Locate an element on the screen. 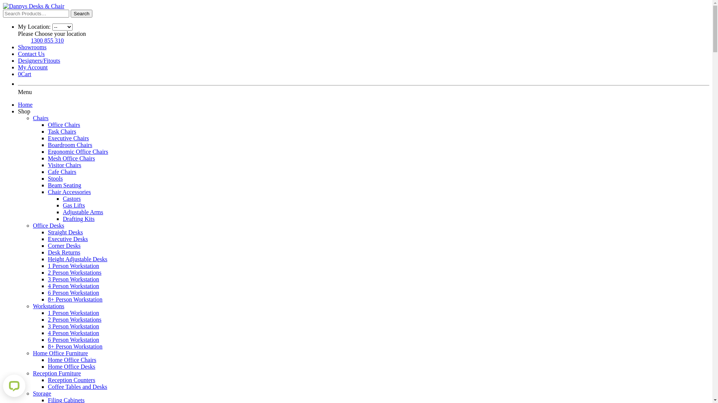 This screenshot has width=718, height=403. 'Boardroom Chairs' is located at coordinates (47, 145).